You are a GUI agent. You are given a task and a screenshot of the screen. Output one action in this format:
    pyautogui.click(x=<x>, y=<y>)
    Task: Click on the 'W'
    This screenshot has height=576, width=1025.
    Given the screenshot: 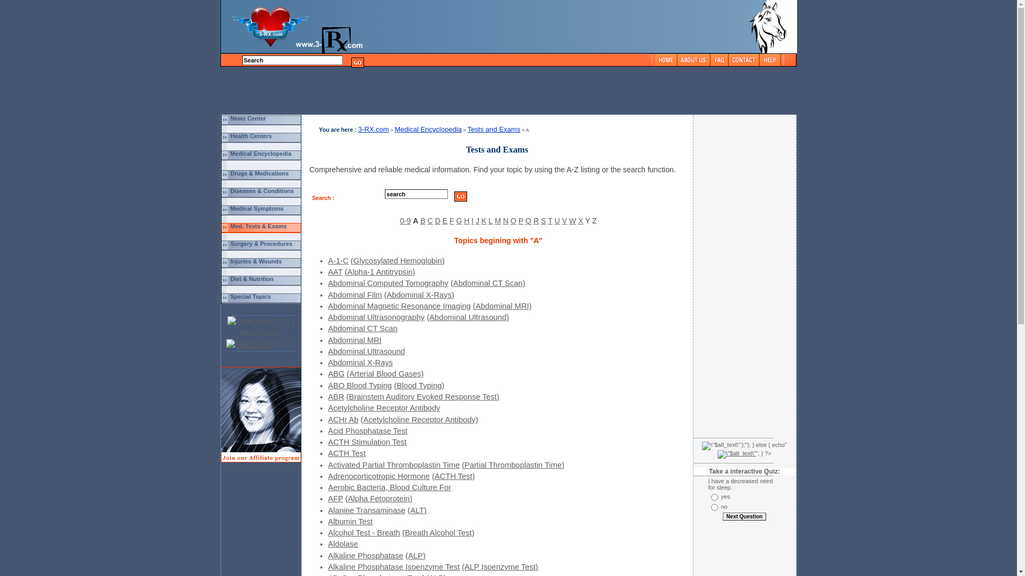 What is the action you would take?
    pyautogui.click(x=572, y=220)
    